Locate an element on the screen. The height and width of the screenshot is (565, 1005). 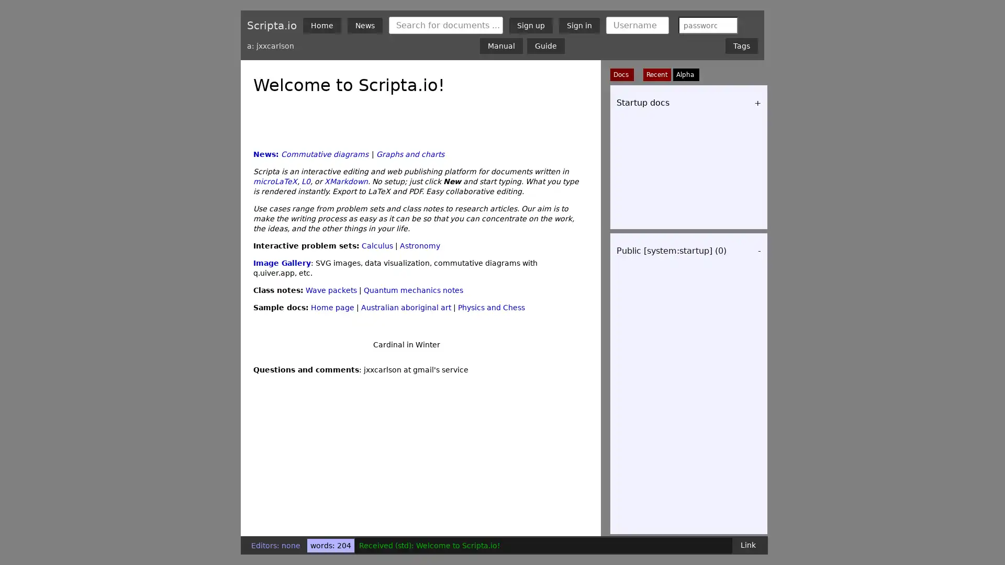
Sign in is located at coordinates (579, 24).